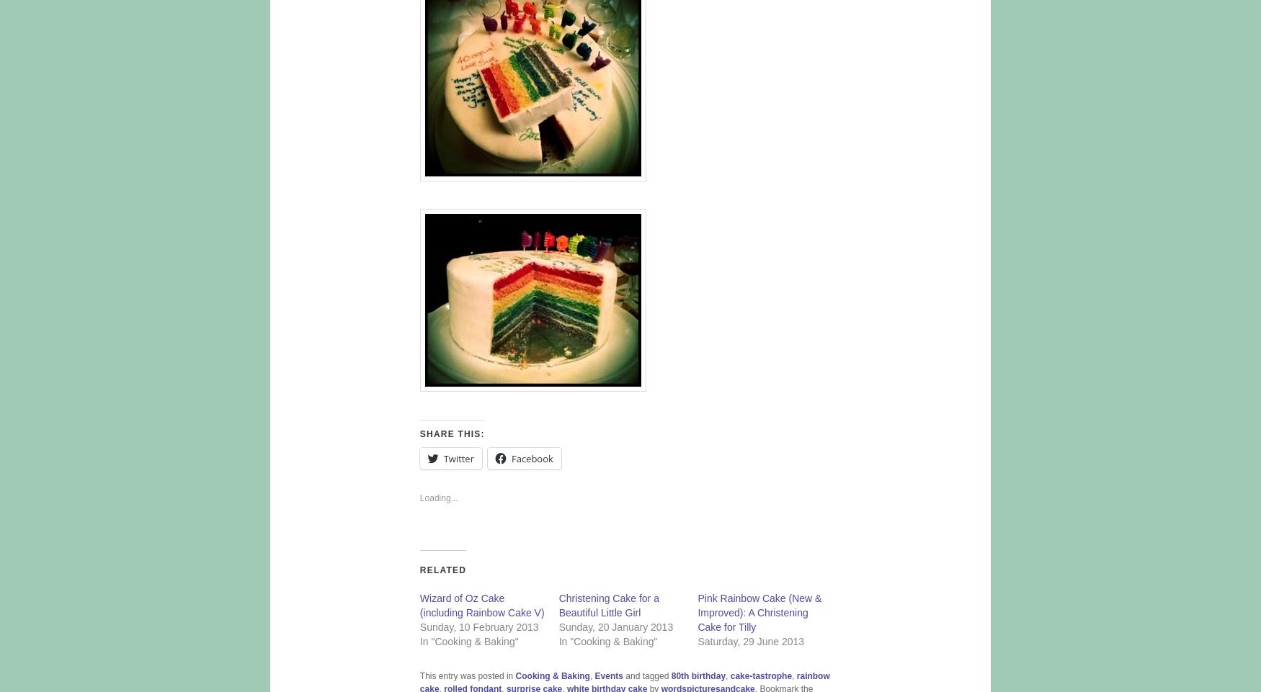 This screenshot has height=692, width=1261. Describe the element at coordinates (531, 459) in the screenshot. I see `'Facebook'` at that location.